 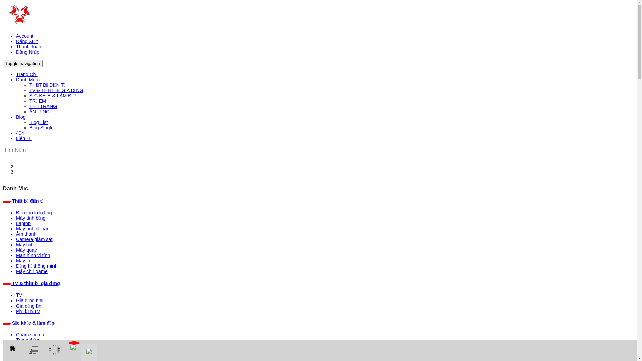 What do you see at coordinates (22, 63) in the screenshot?
I see `'Toggle navigation'` at bounding box center [22, 63].